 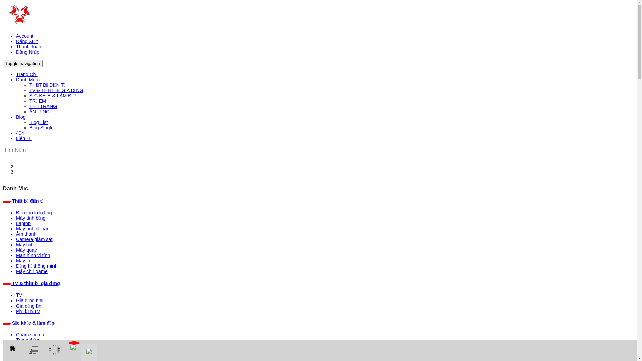 What do you see at coordinates (22, 63) in the screenshot?
I see `'Toggle navigation'` at bounding box center [22, 63].